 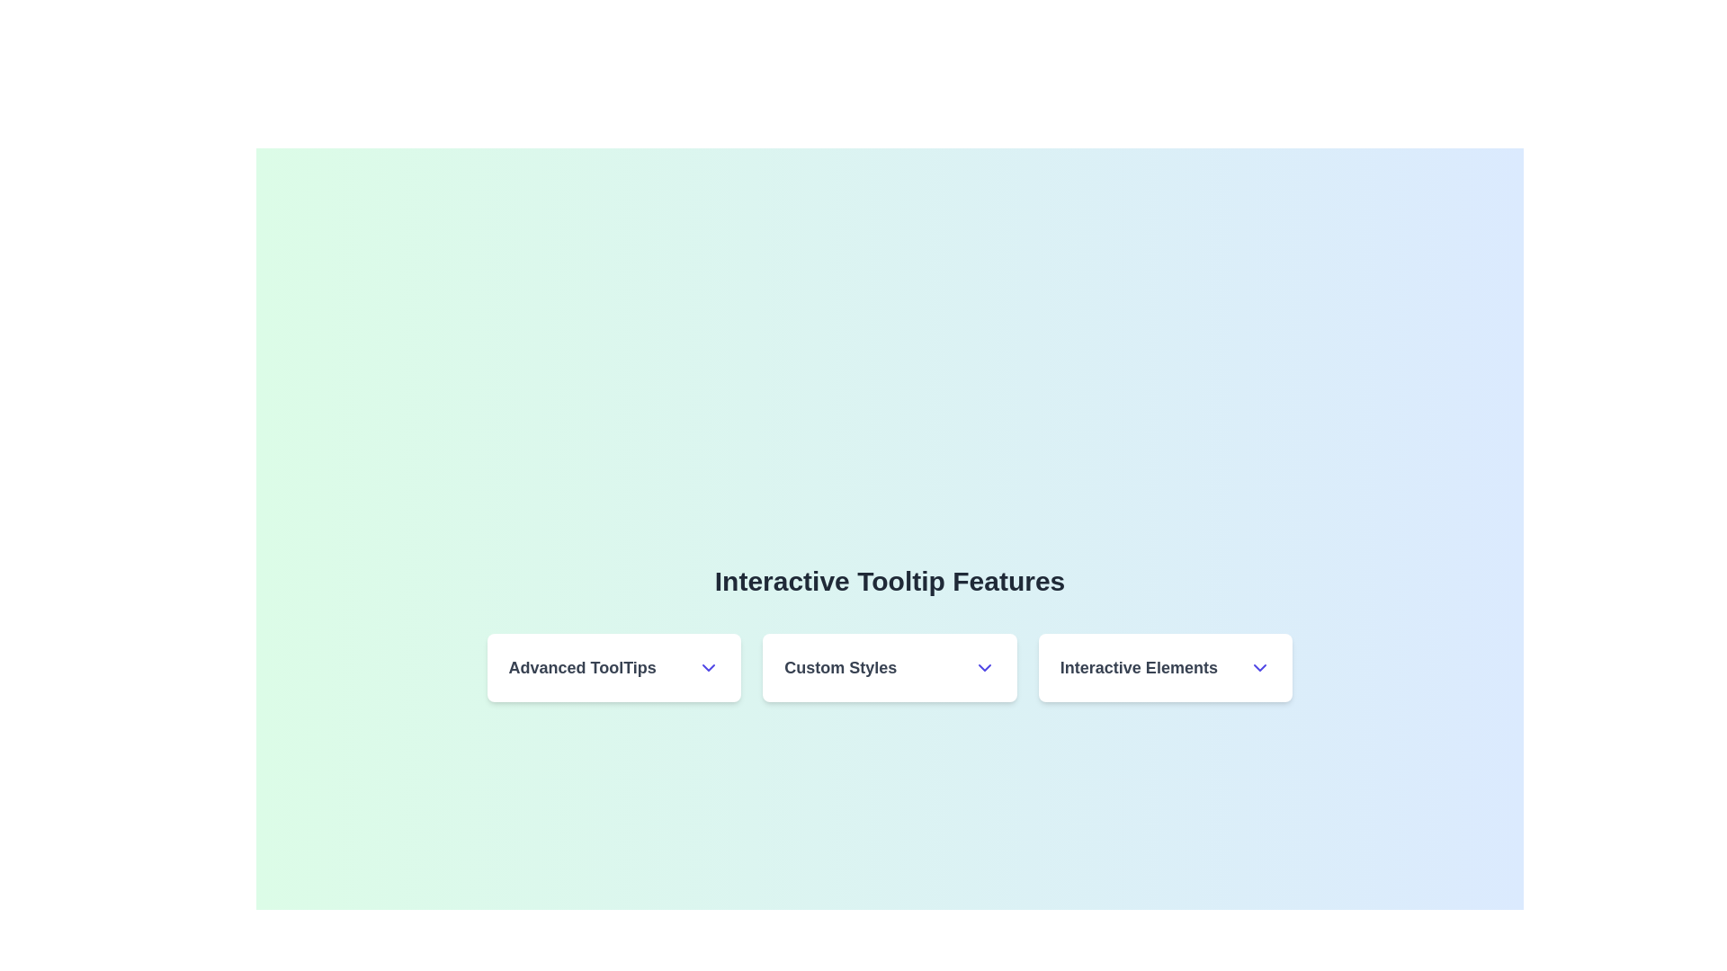 What do you see at coordinates (613, 668) in the screenshot?
I see `the 'Advanced ToolTips' text label` at bounding box center [613, 668].